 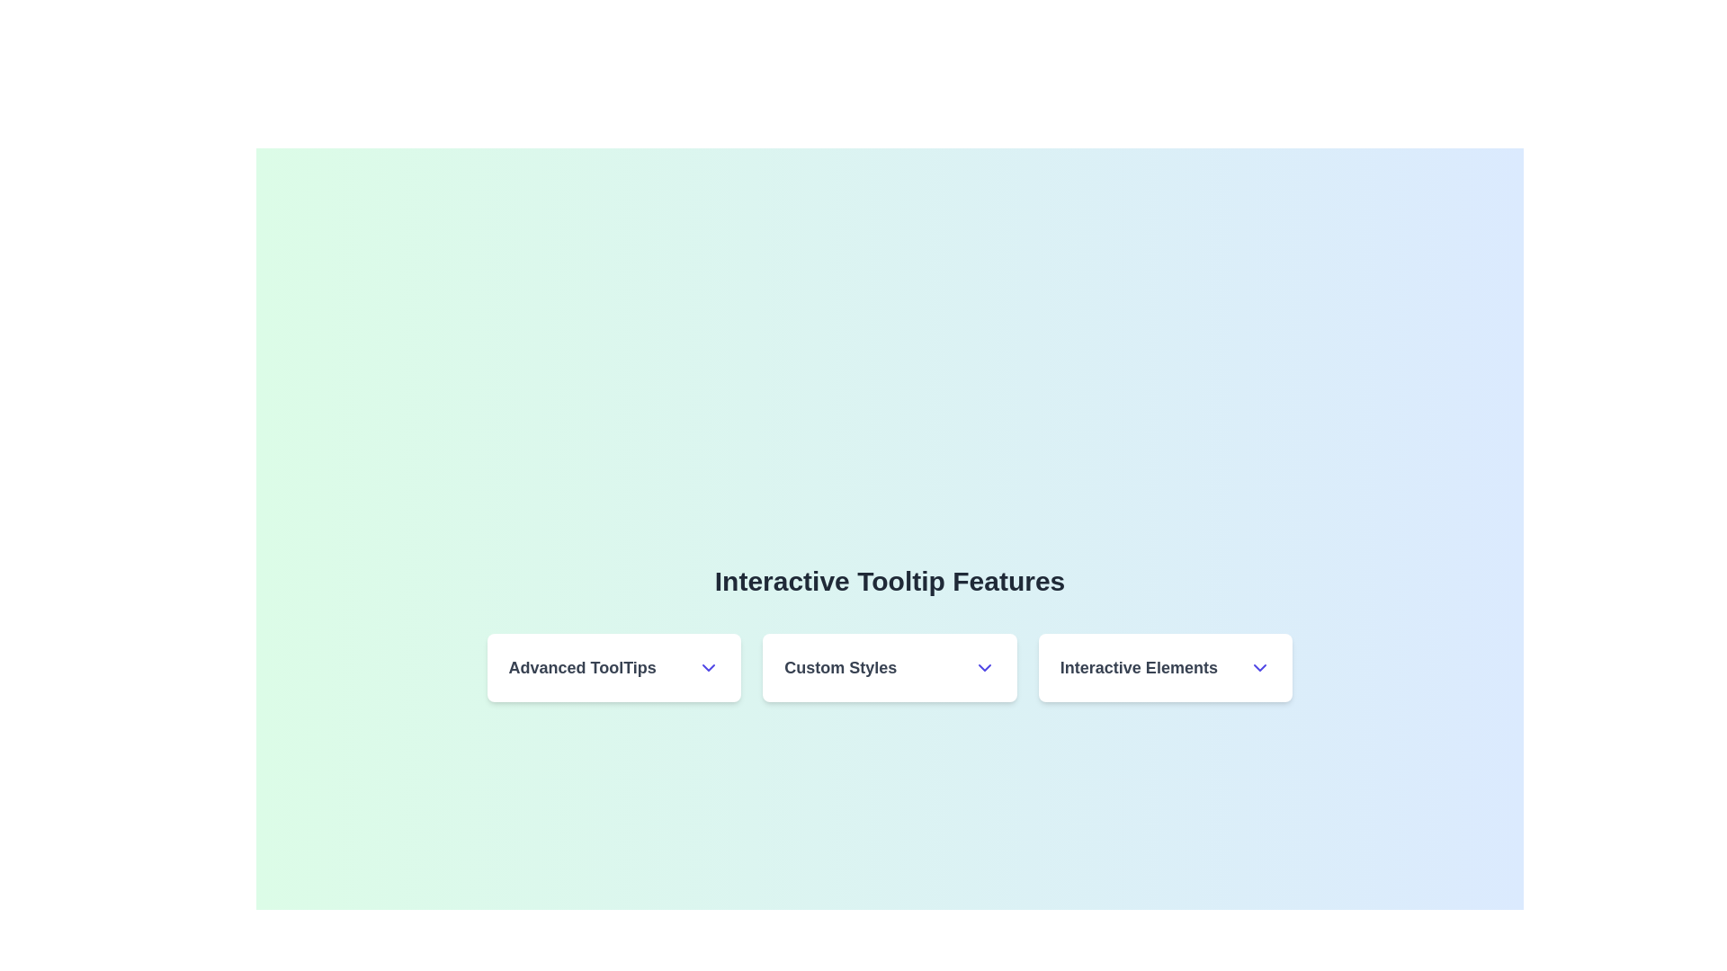 What do you see at coordinates (613, 668) in the screenshot?
I see `the 'Advanced ToolTips' text label` at bounding box center [613, 668].